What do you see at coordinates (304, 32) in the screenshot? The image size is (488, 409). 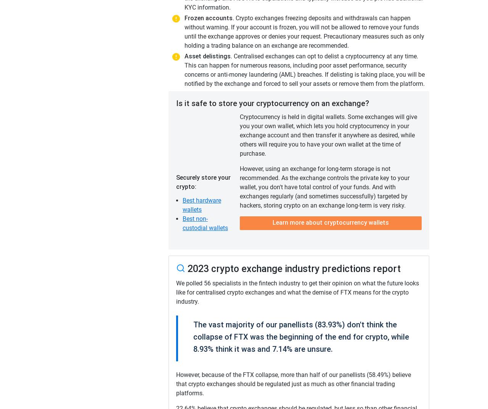 I see `'Crypto exchanges freezing deposits and withdrawals can happen without warning. If your account is frozen, you will not be allowed to remove your funds until the exchange approves or denies your request. Precautionary measures such as only holding a trading balance on an exchange are recommended.'` at bounding box center [304, 32].